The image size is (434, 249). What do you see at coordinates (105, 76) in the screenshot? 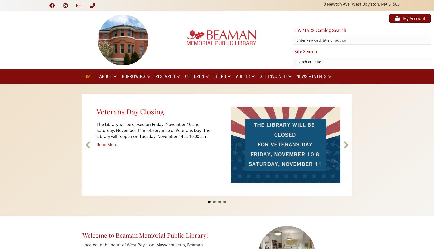
I see `'About'` at bounding box center [105, 76].